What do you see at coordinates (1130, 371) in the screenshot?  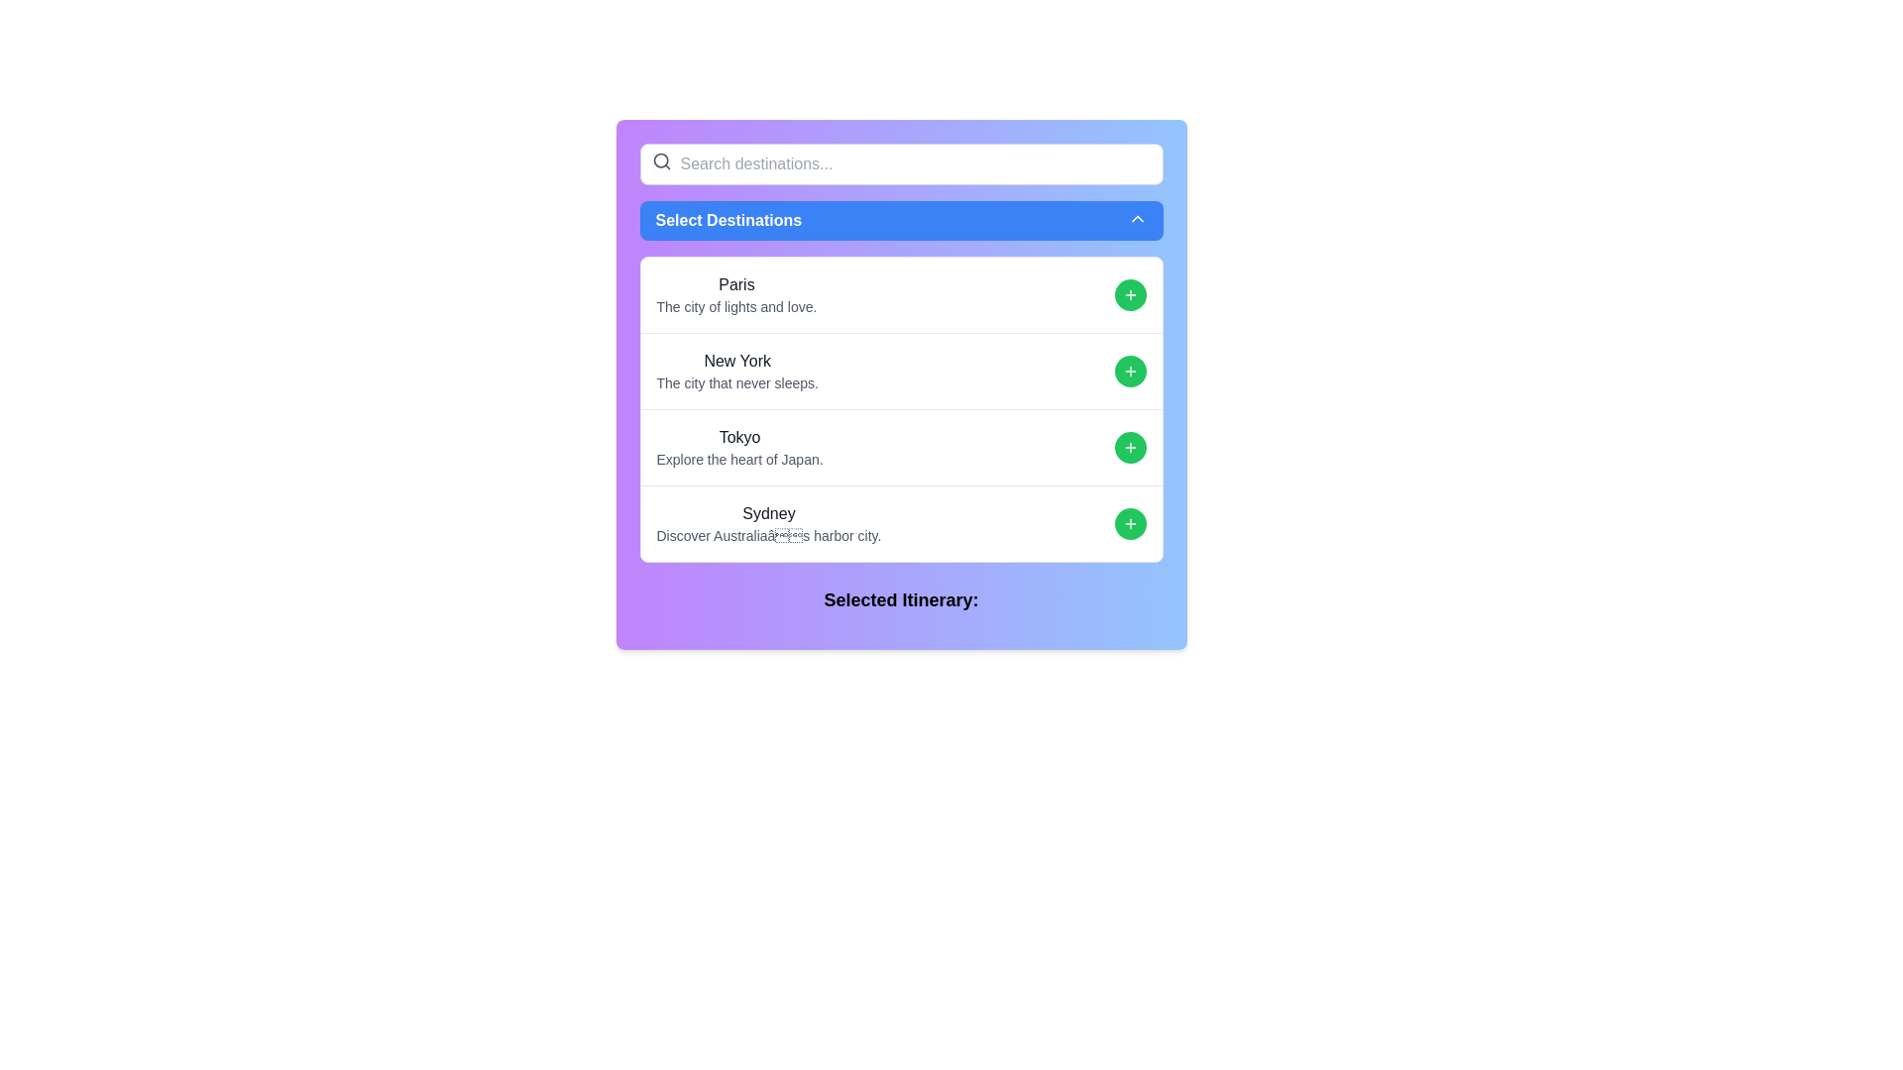 I see `the green circular button with a white plus sign` at bounding box center [1130, 371].